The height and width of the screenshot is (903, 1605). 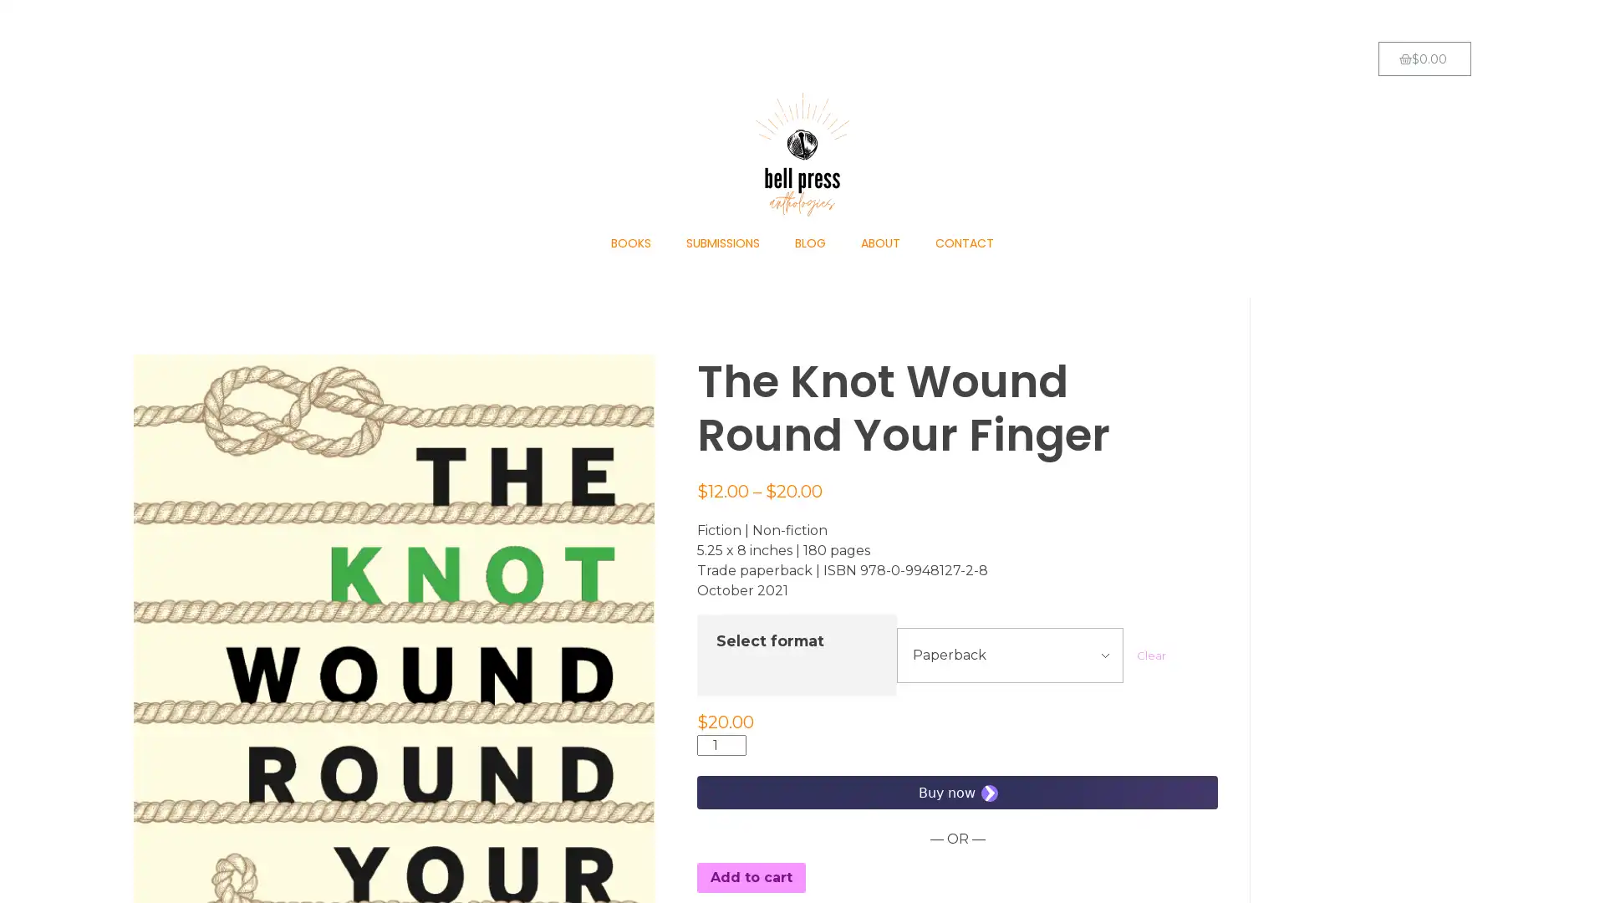 I want to click on Add to cart, so click(x=750, y=876).